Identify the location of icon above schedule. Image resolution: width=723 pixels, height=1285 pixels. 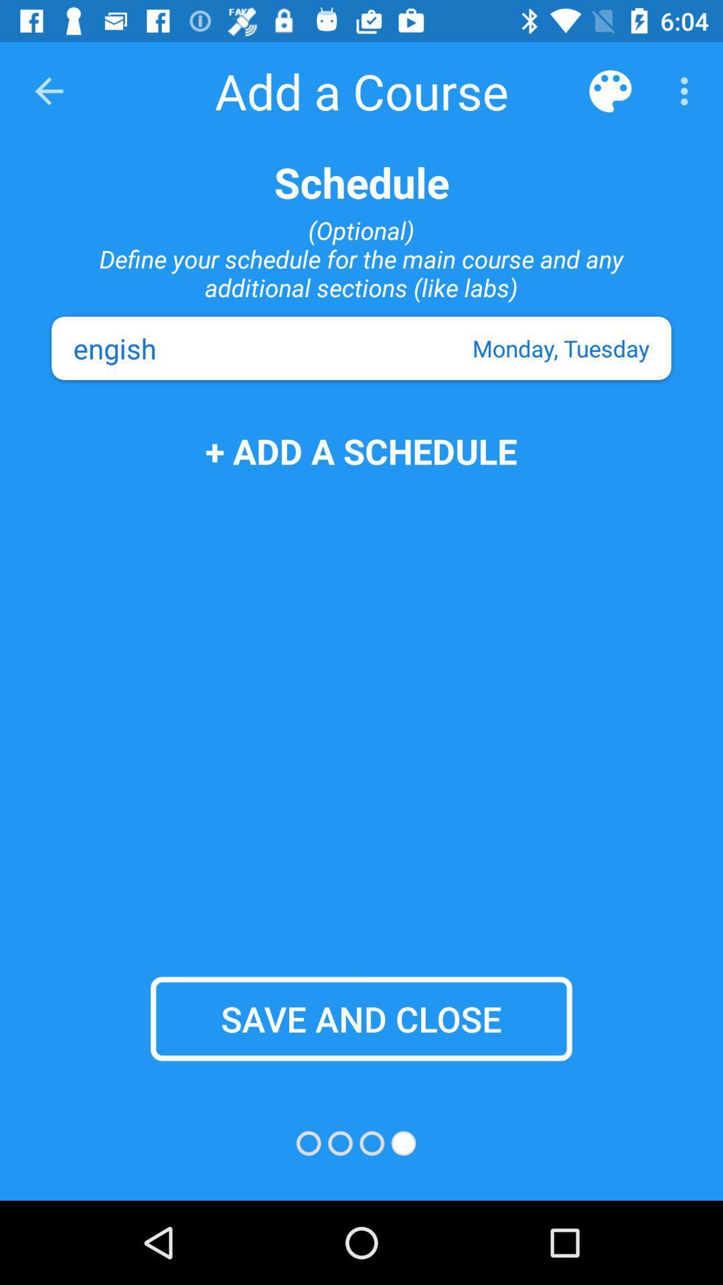
(48, 90).